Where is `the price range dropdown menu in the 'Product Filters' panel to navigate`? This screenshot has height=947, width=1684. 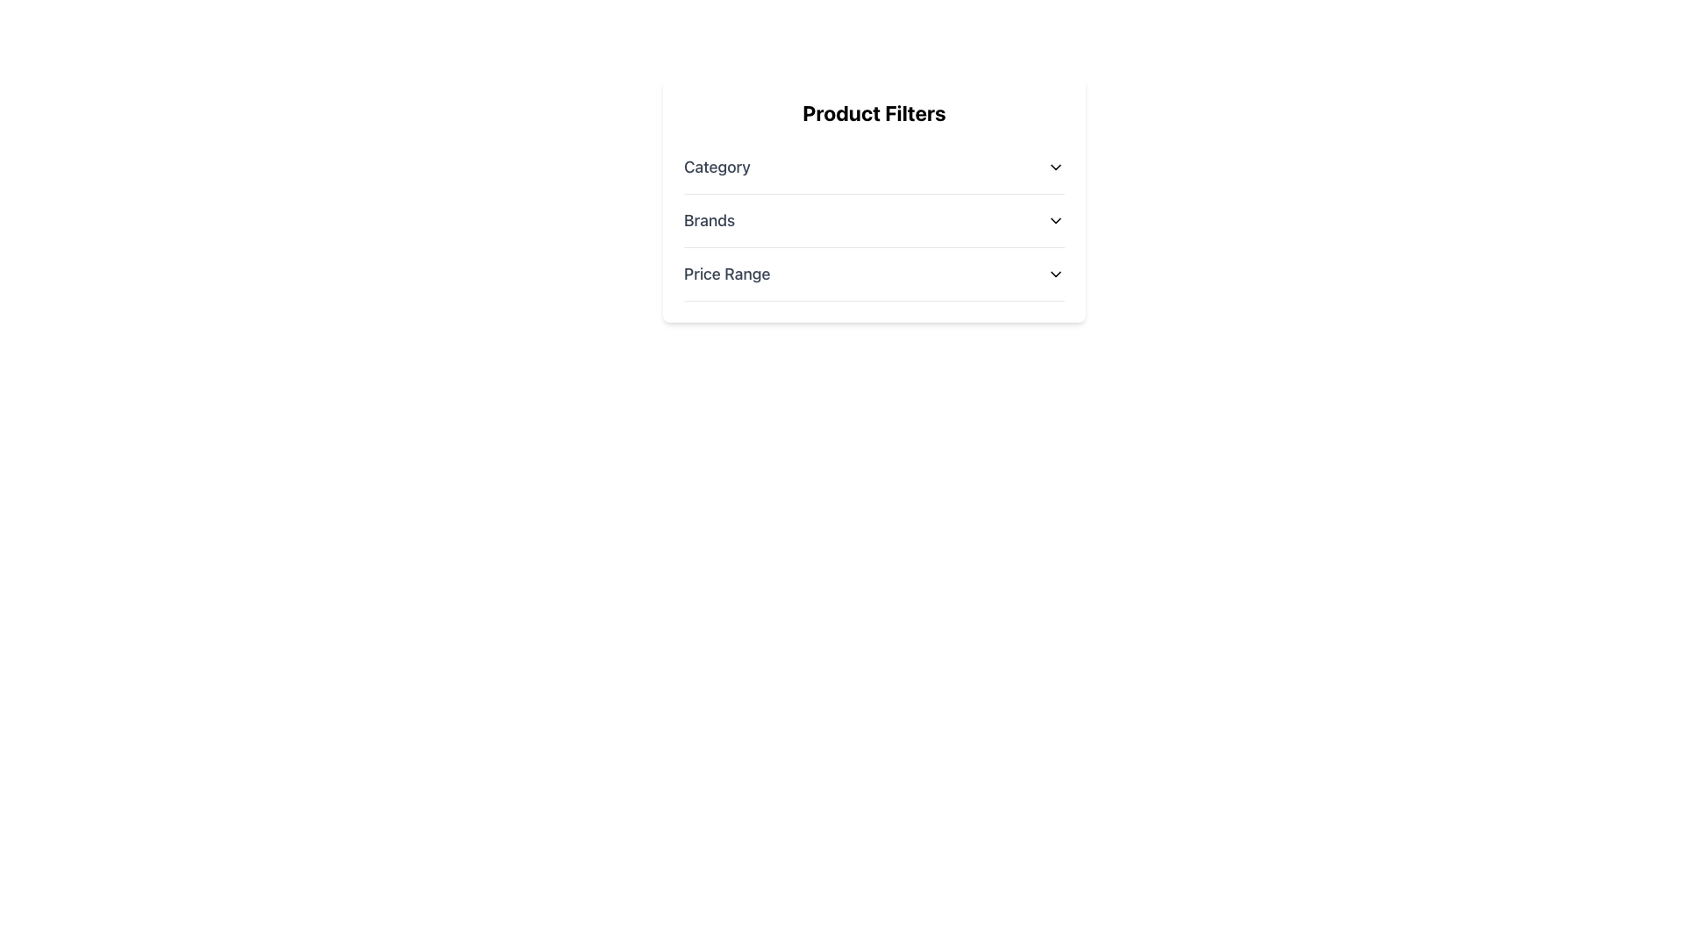
the price range dropdown menu in the 'Product Filters' panel to navigate is located at coordinates (874, 274).